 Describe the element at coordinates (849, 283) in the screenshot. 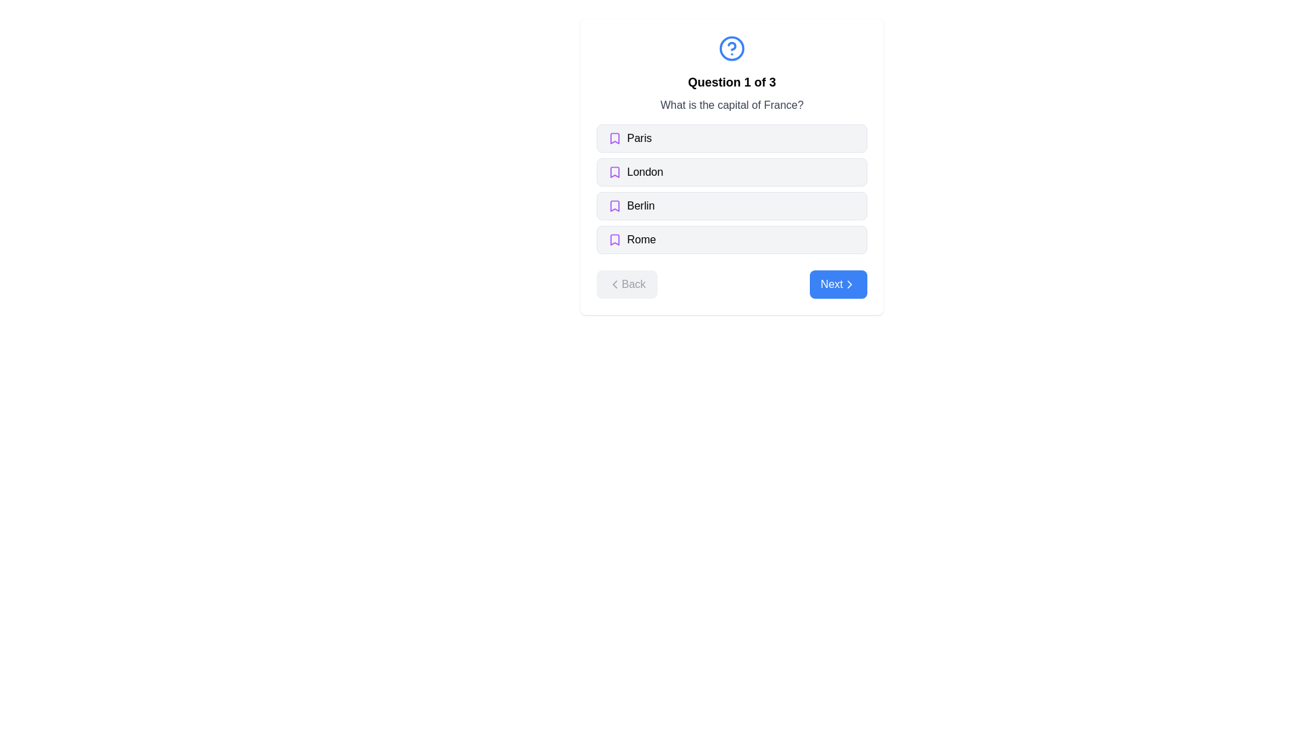

I see `the chevron icon located inside the 'Next' button at the bottom-right area of the interface` at that location.